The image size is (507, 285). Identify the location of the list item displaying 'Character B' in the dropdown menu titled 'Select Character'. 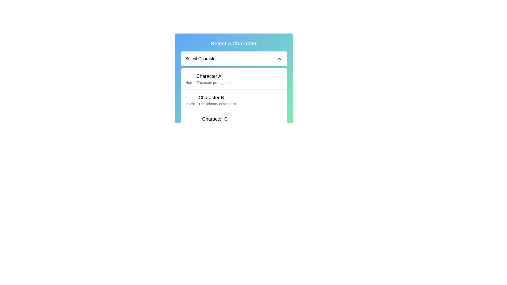
(234, 100).